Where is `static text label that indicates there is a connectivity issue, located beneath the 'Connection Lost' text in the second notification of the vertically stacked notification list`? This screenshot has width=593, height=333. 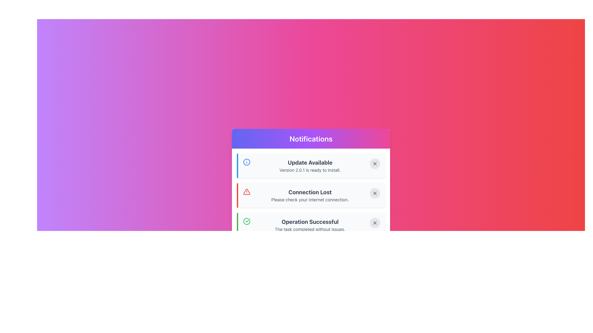 static text label that indicates there is a connectivity issue, located beneath the 'Connection Lost' text in the second notification of the vertically stacked notification list is located at coordinates (310, 200).